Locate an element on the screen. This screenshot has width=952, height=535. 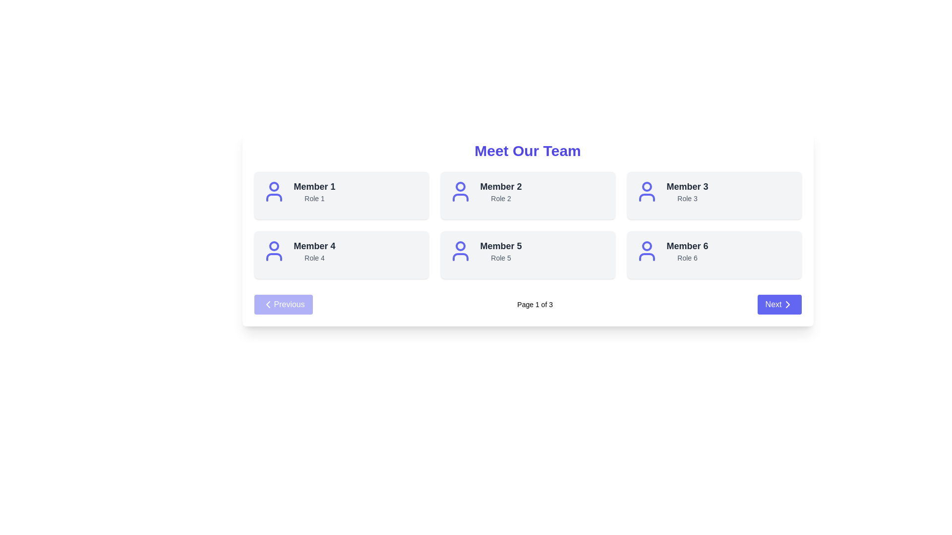
lower part of the user profile icon located in the rightmost card of the first row in the grid by hovering over it is located at coordinates (647, 197).